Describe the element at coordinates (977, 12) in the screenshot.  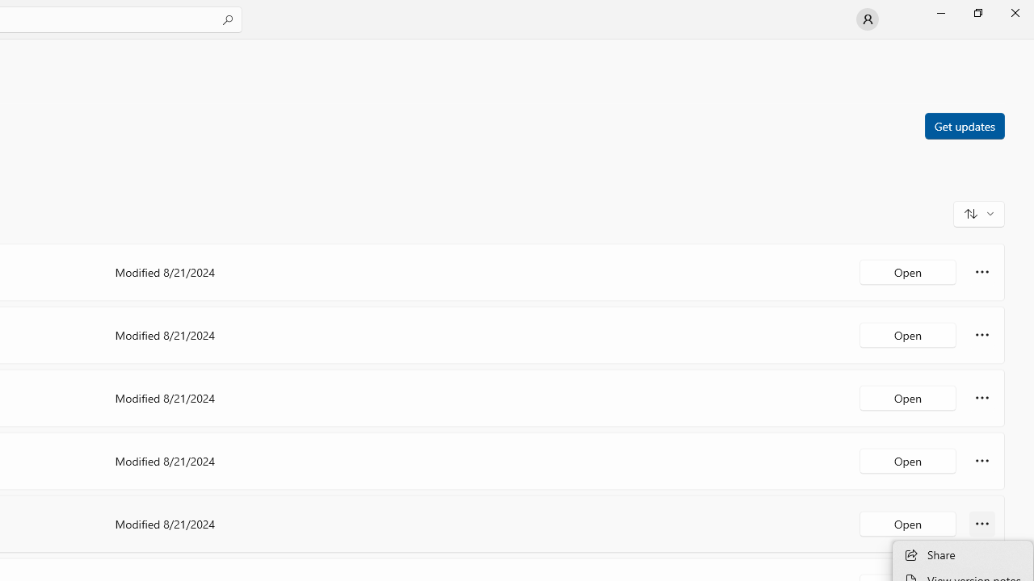
I see `'Restore Microsoft Store'` at that location.